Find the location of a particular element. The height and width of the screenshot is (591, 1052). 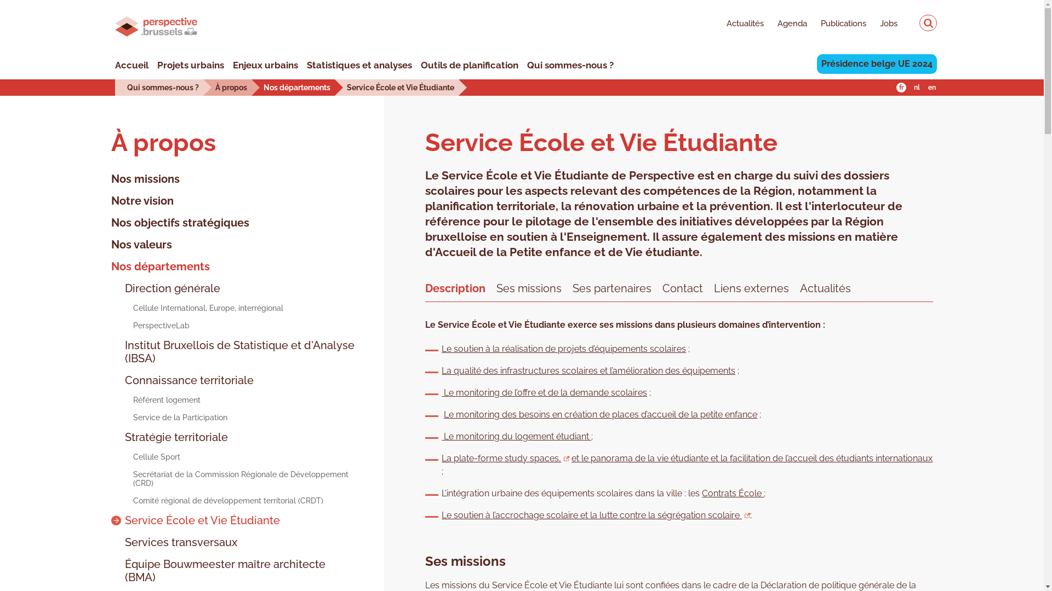

'Enjeux urbains' is located at coordinates (265, 65).